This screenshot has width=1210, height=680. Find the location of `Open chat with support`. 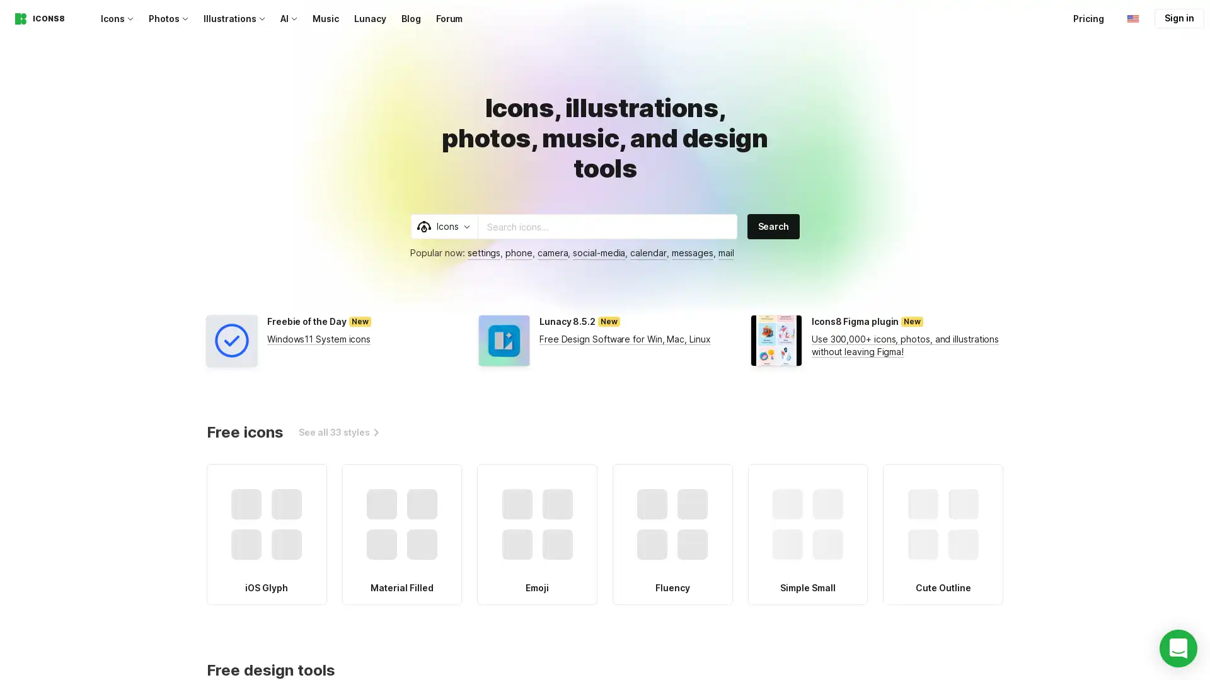

Open chat with support is located at coordinates (1178, 648).